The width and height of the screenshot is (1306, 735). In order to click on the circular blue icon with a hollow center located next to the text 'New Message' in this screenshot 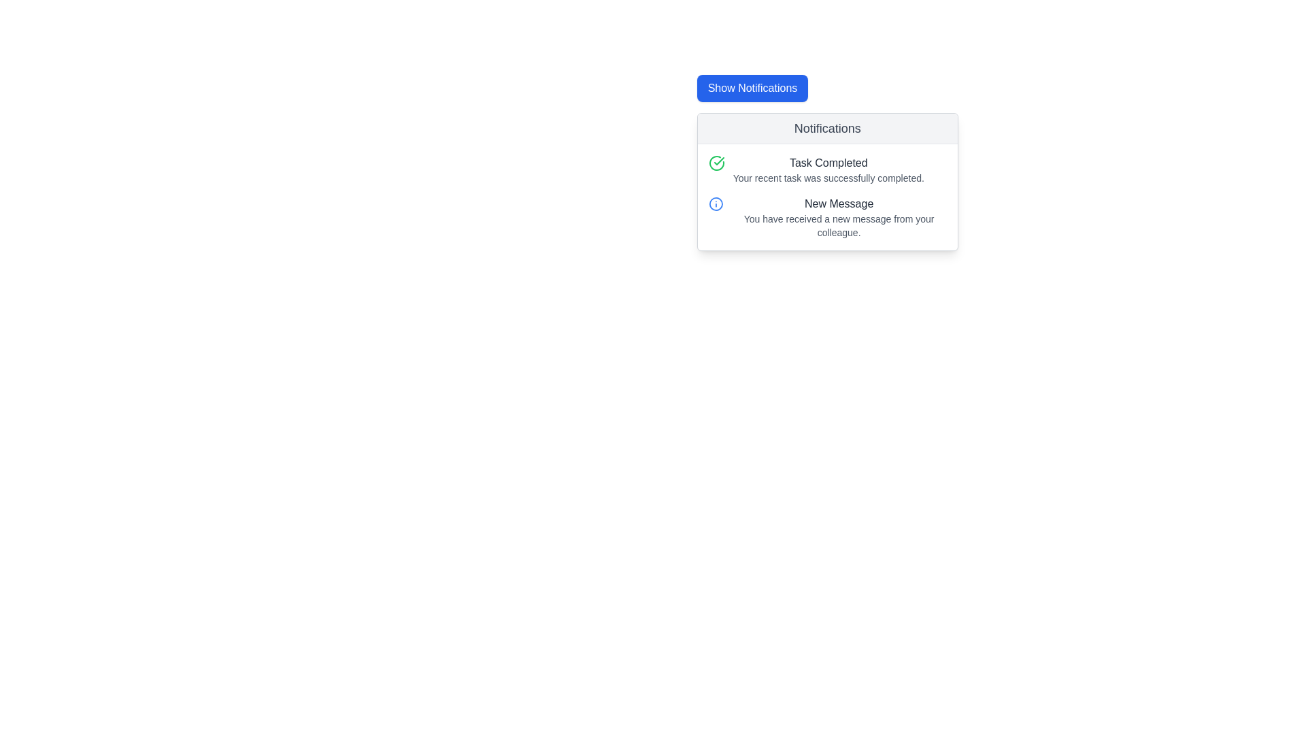, I will do `click(715, 204)`.